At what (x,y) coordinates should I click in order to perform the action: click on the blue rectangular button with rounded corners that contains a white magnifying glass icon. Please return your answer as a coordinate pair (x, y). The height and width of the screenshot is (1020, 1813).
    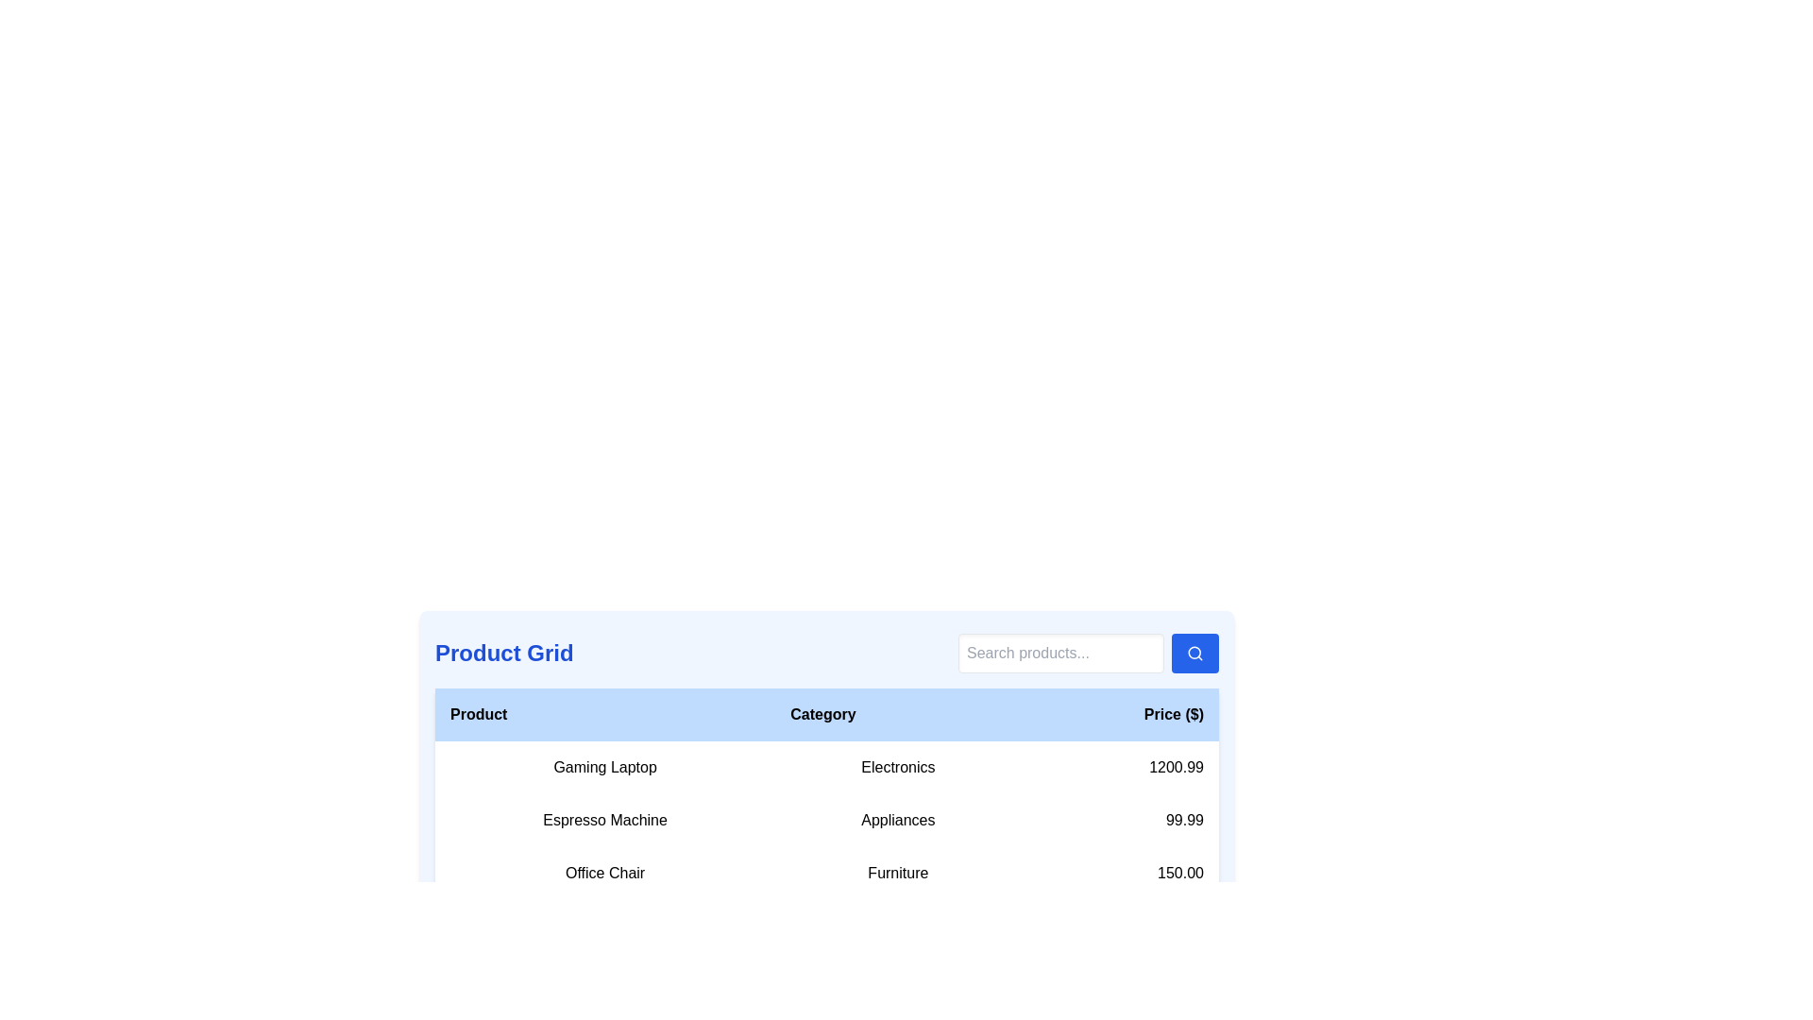
    Looking at the image, I should click on (1195, 652).